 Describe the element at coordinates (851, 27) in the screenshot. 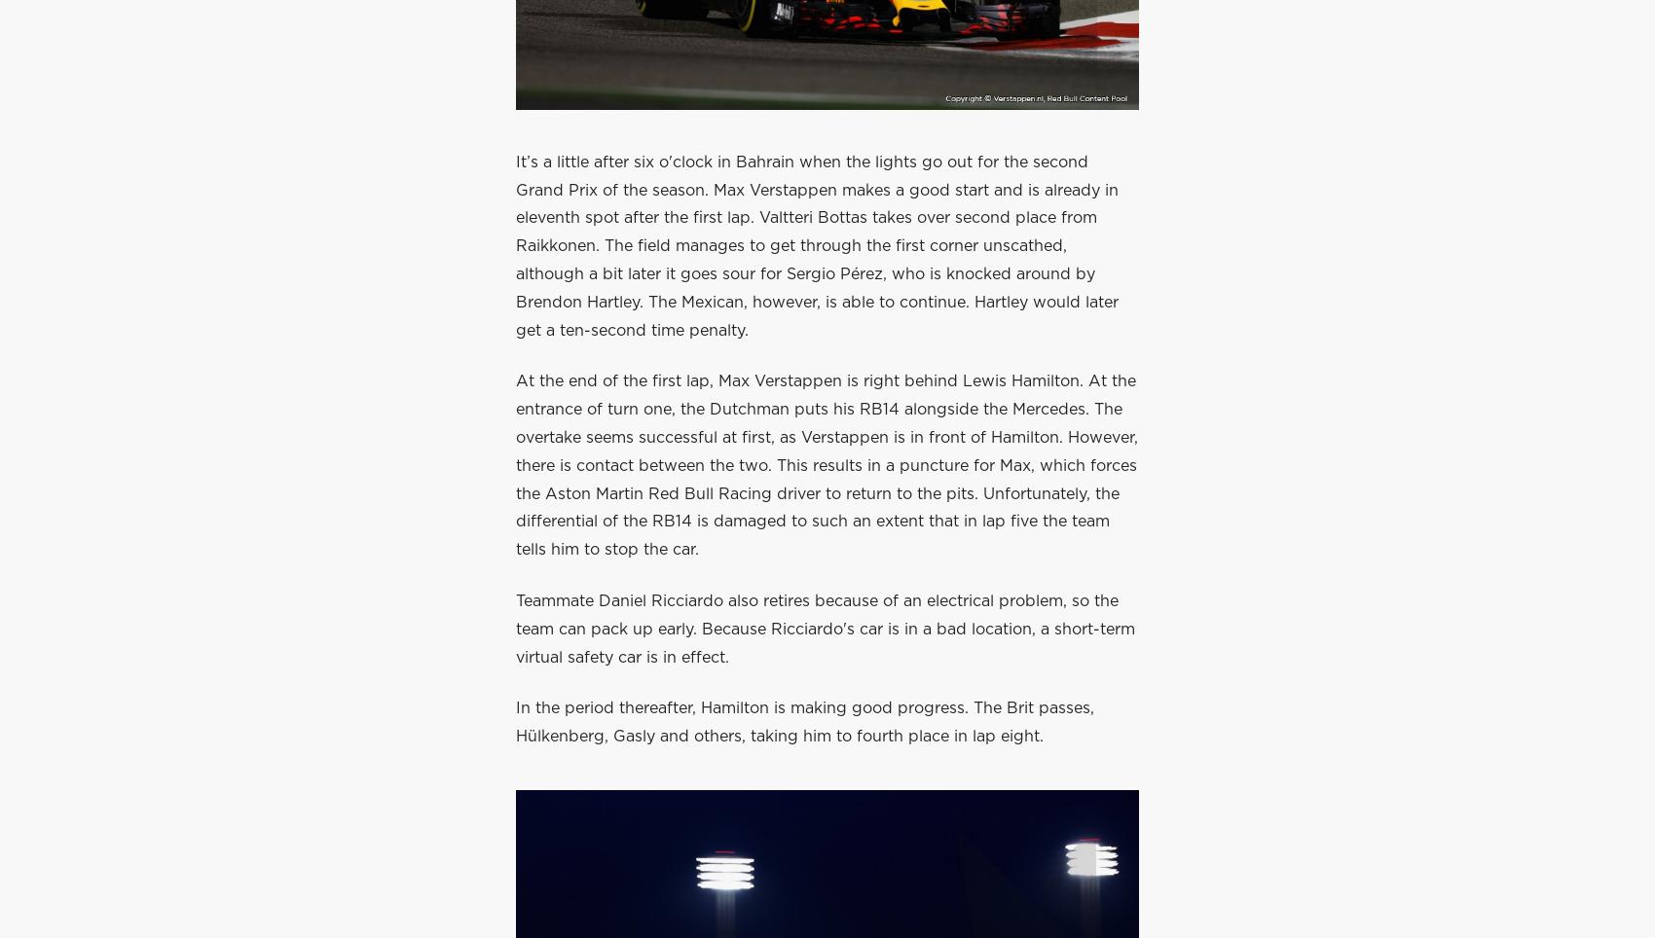

I see `'Forum'` at that location.